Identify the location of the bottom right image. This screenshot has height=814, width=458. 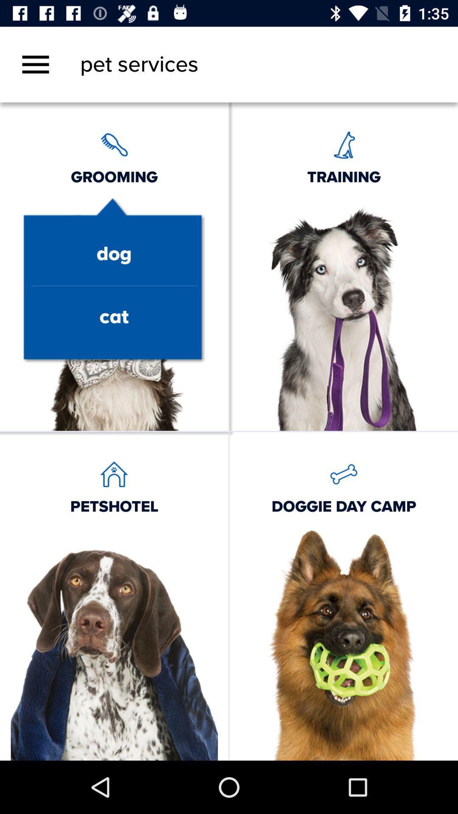
(343, 643).